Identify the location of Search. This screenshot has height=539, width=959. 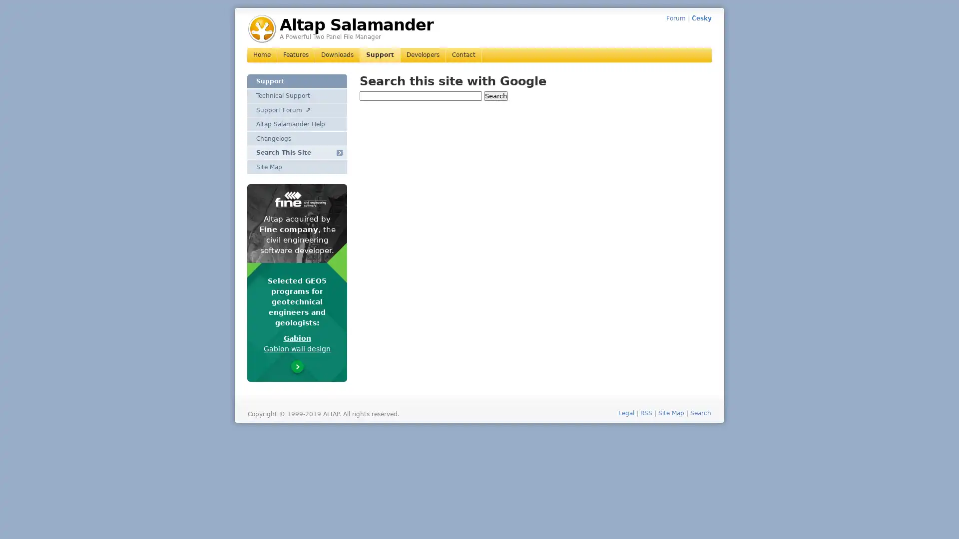
(496, 95).